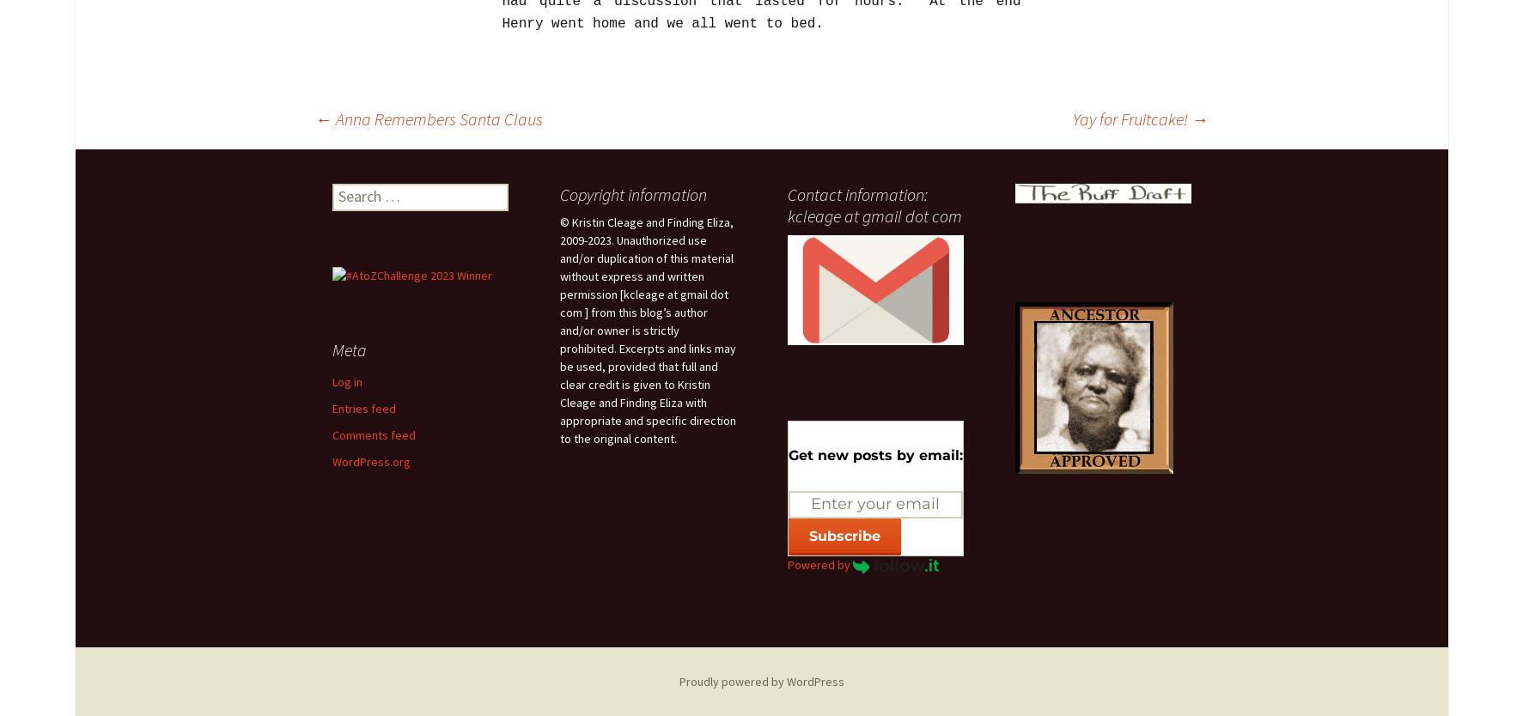  What do you see at coordinates (331, 433) in the screenshot?
I see `'Comments feed'` at bounding box center [331, 433].